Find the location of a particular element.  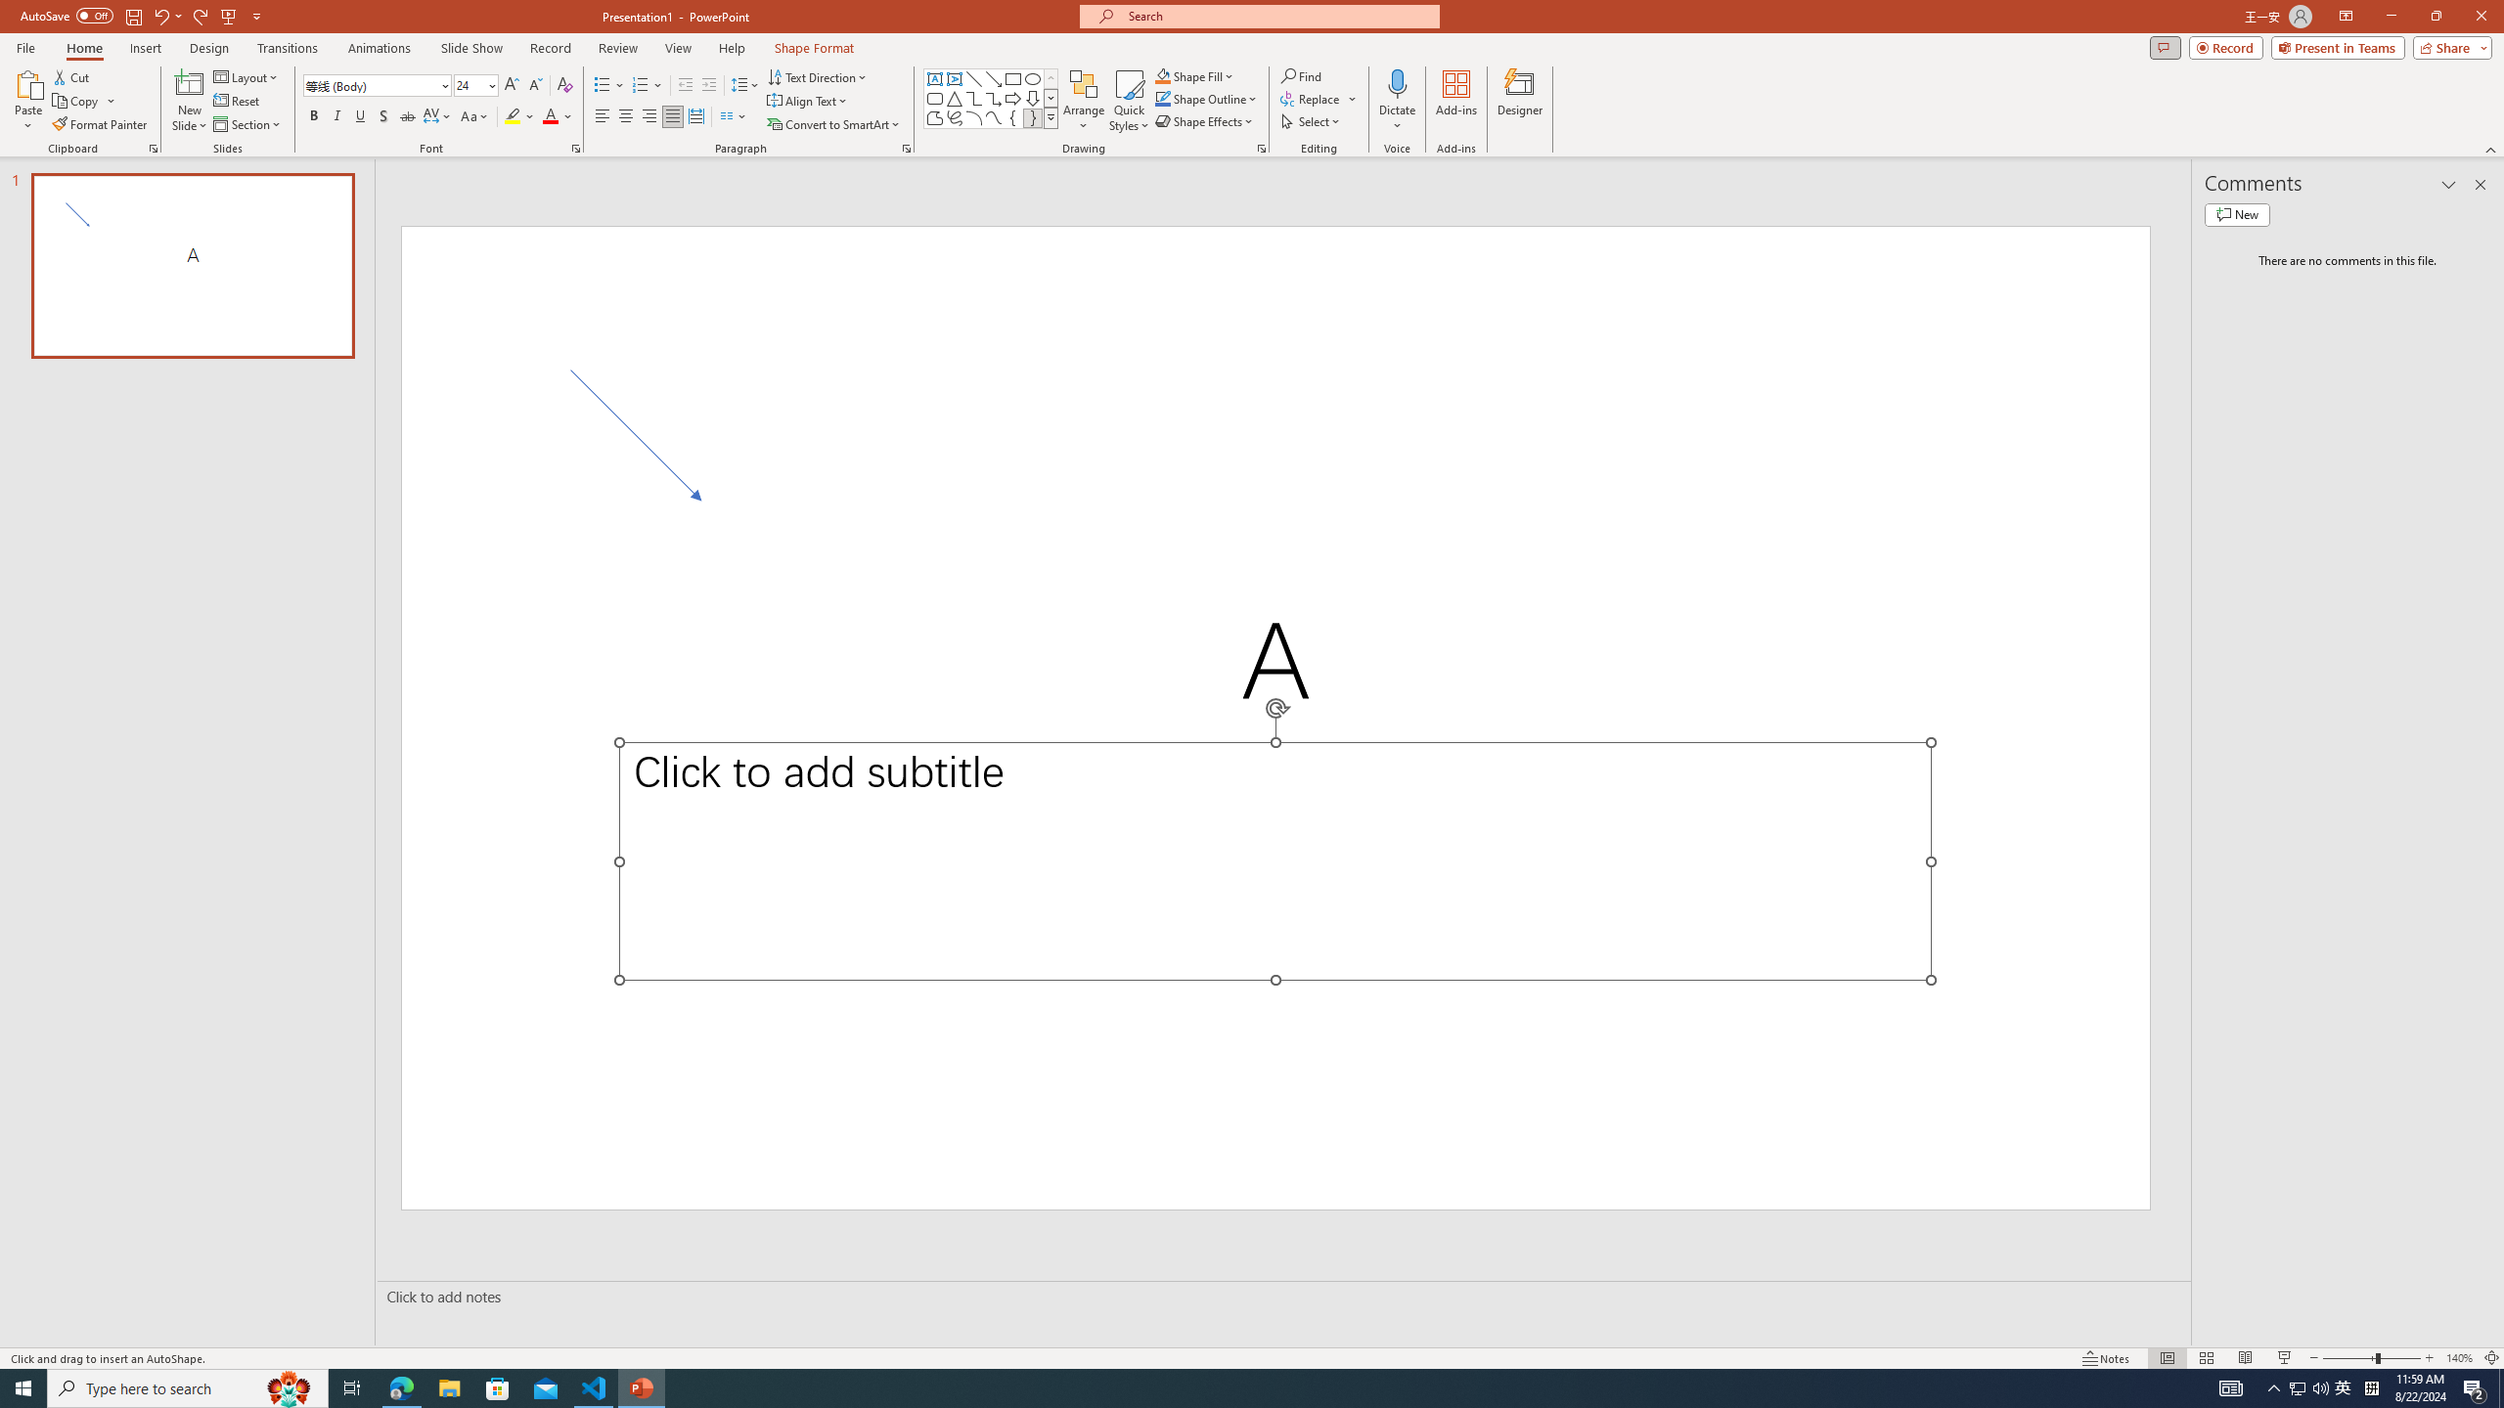

'Change Case' is located at coordinates (474, 115).